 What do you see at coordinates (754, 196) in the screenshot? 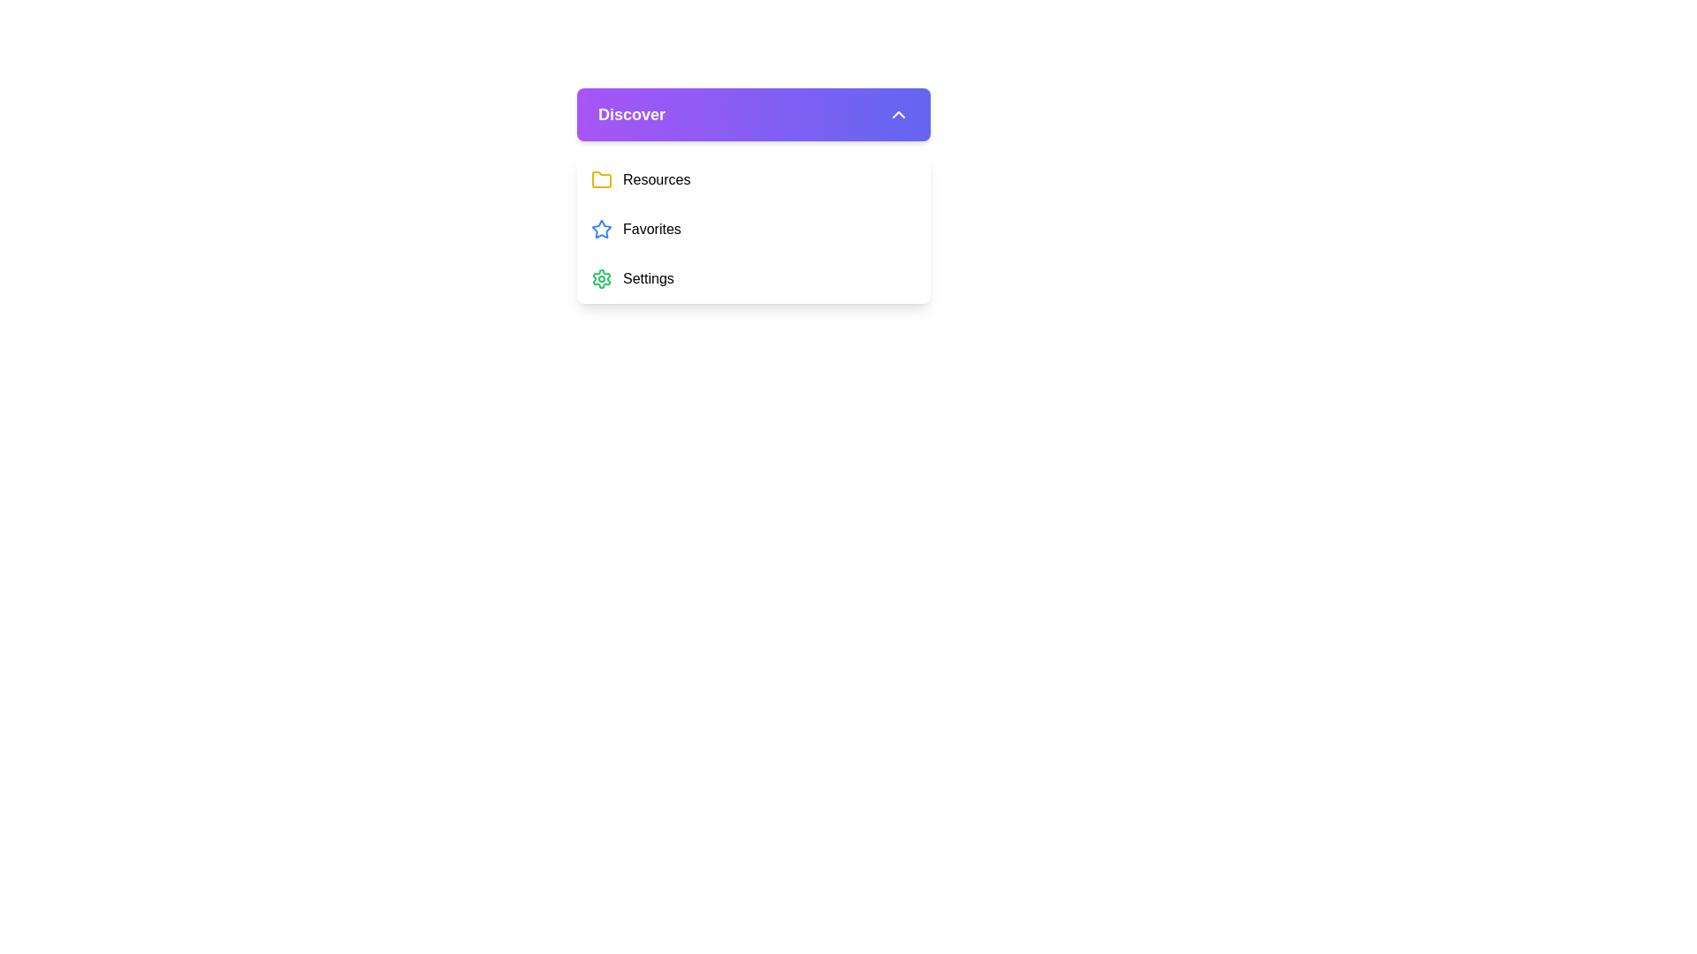
I see `the 'Discover' dropdown menu` at bounding box center [754, 196].